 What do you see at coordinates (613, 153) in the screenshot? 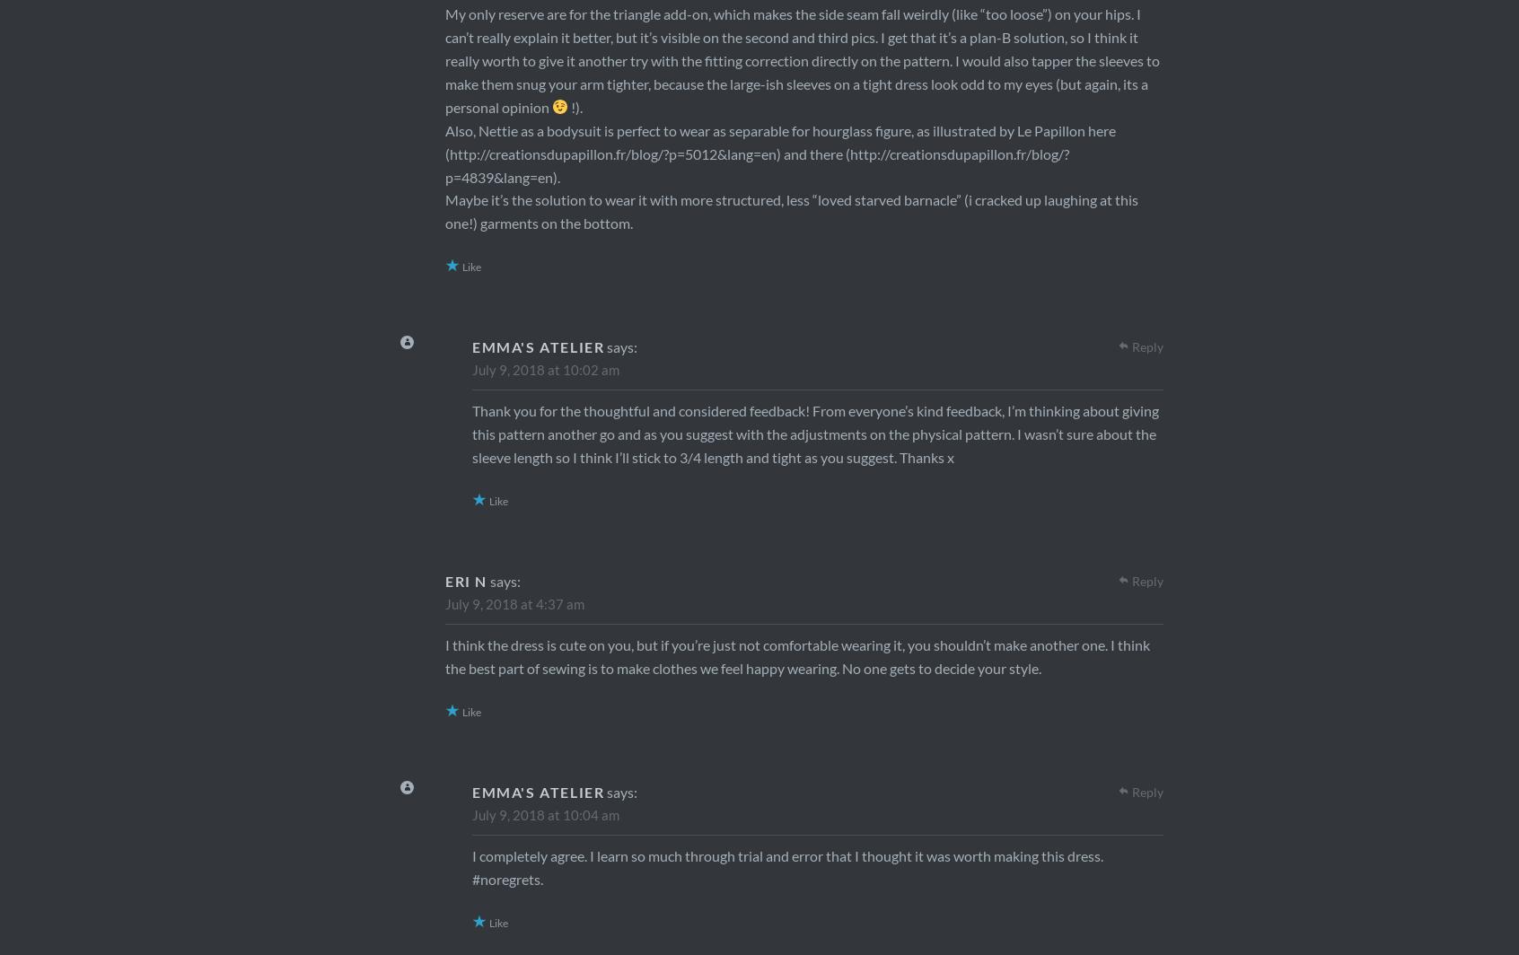
I see `'http://creationsdupapillon.fr/blog/?p=5012&lang=en'` at bounding box center [613, 153].